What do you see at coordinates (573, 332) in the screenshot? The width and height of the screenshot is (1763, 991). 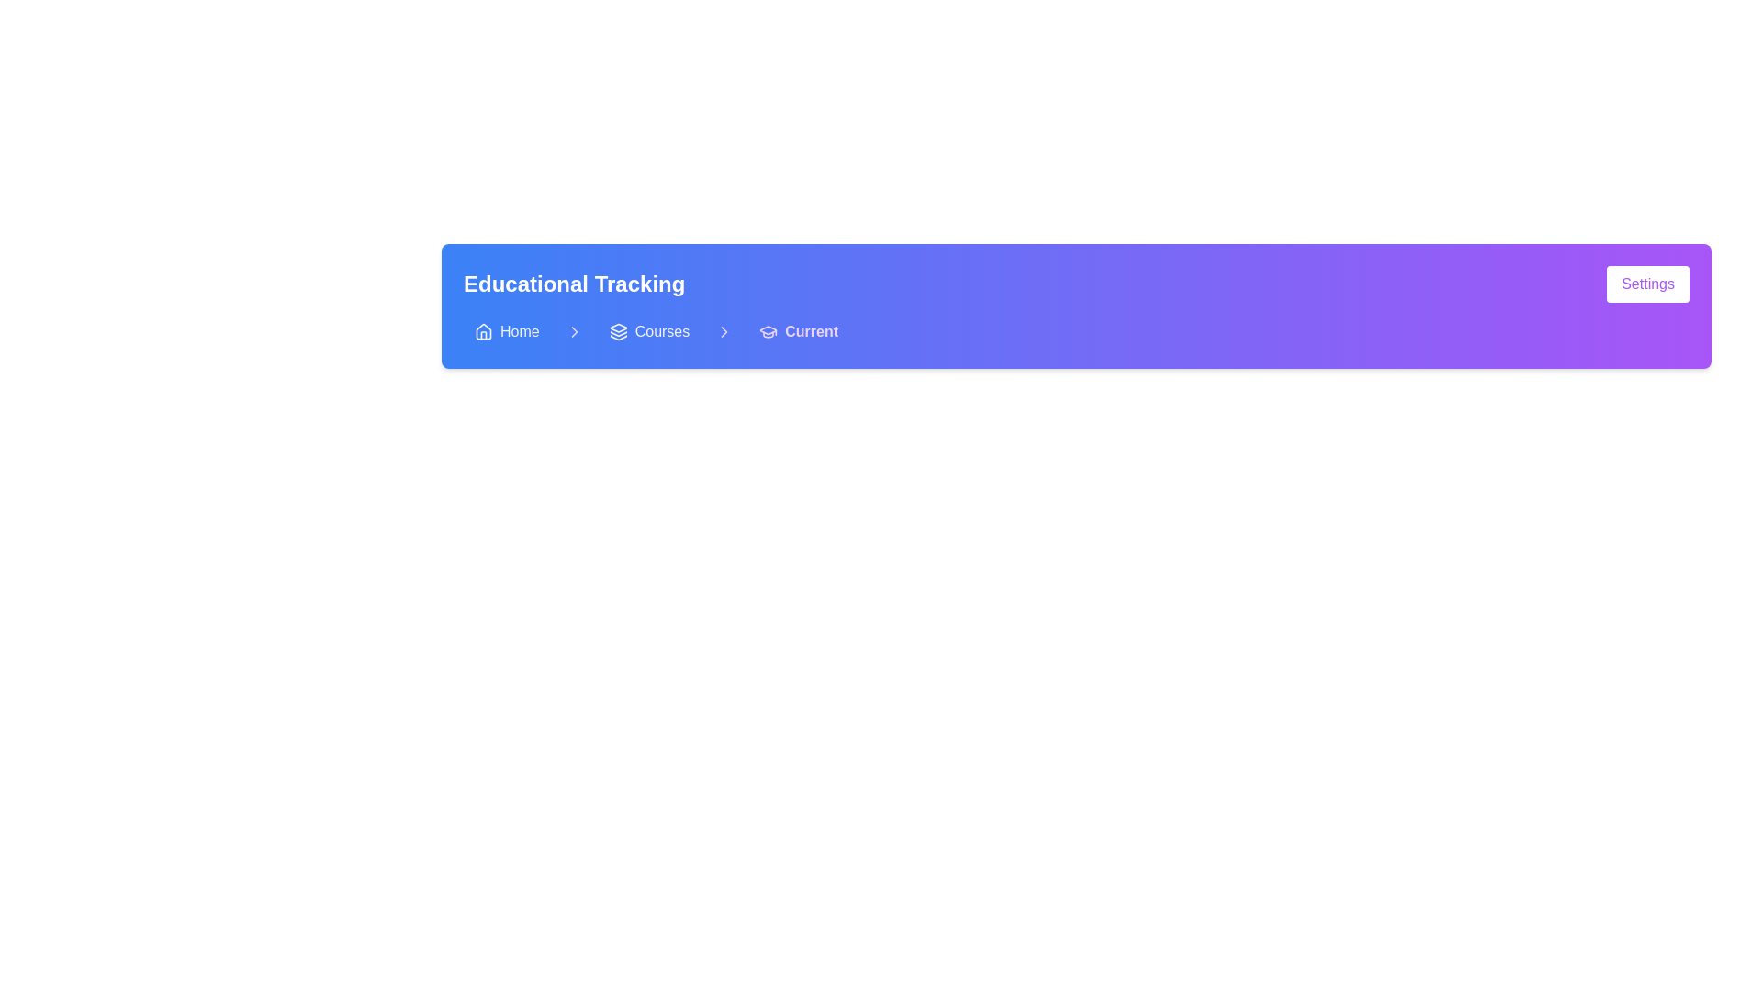 I see `the rightward arrow SVG icon in the breadcrumb navigation bar, which separates the 'Courses' and 'Current' labels` at bounding box center [573, 332].